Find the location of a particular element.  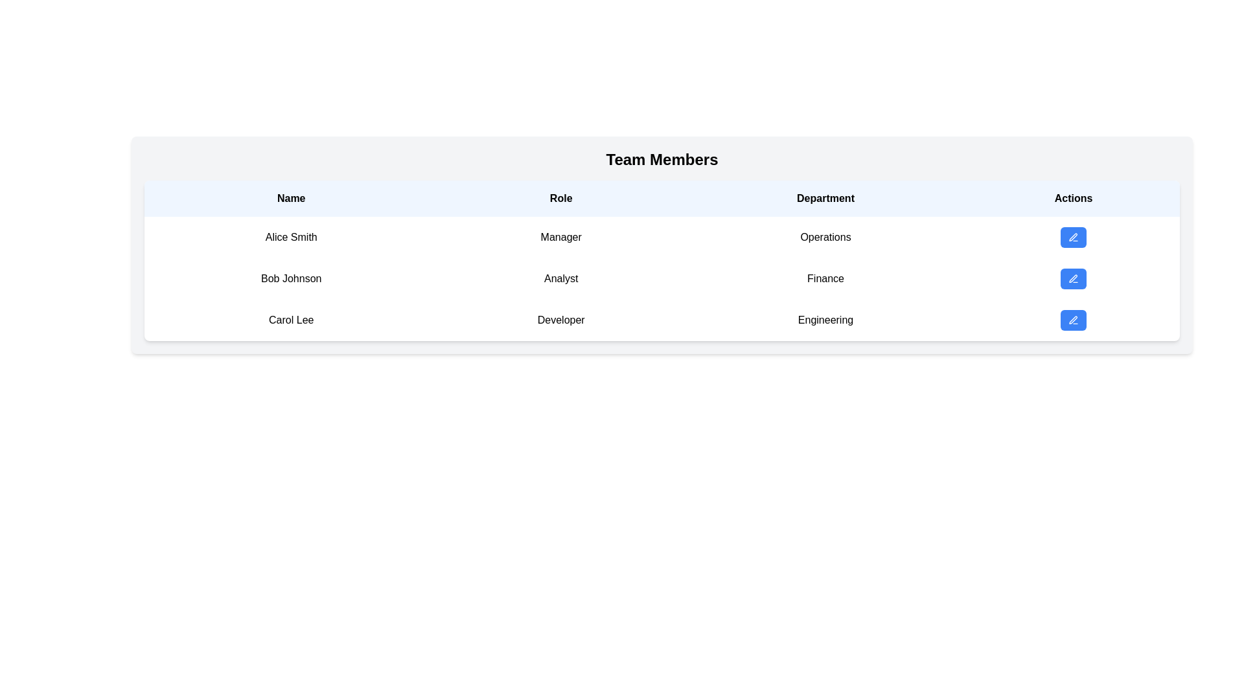

the Text display element that represents the name of a team member located is located at coordinates (290, 237).